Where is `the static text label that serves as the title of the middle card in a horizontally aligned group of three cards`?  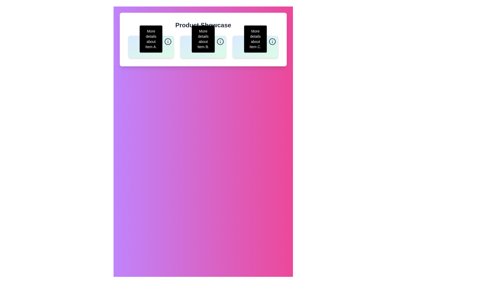 the static text label that serves as the title of the middle card in a horizontally aligned group of three cards is located at coordinates (203, 46).